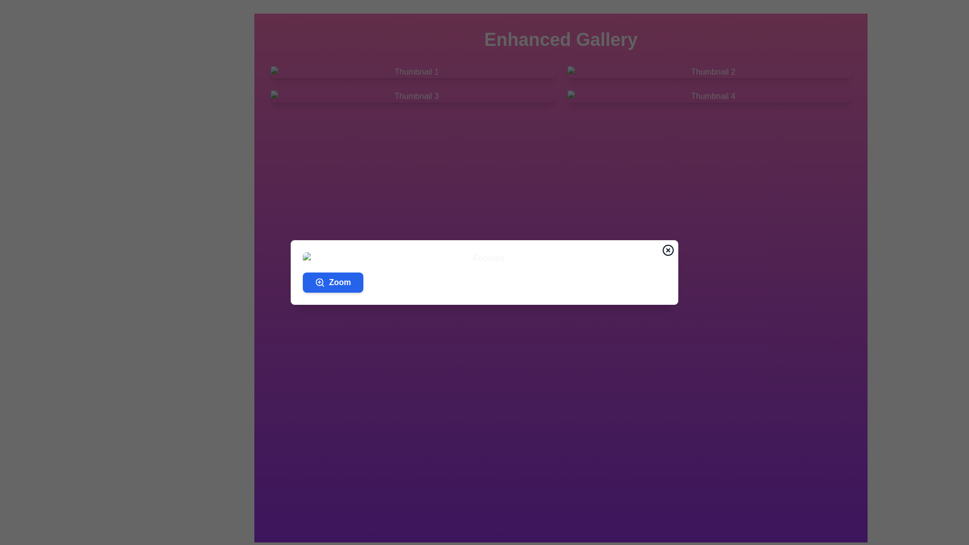 This screenshot has width=969, height=545. Describe the element at coordinates (333, 282) in the screenshot. I see `the zoom button located in the bottom section of the white dialog box for accessibility navigation` at that location.